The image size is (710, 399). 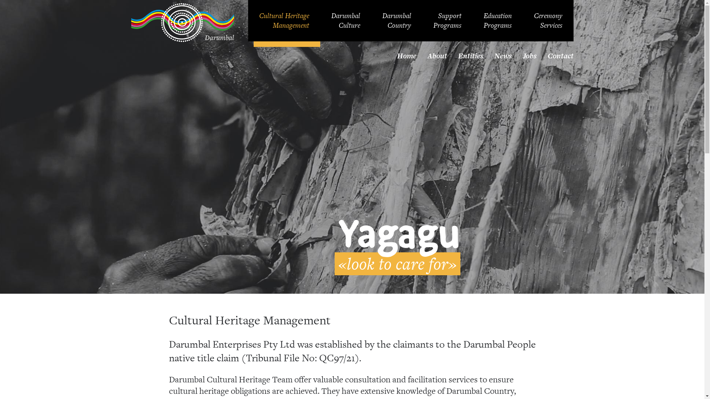 I want to click on 'Darumbal, so click(x=371, y=20).